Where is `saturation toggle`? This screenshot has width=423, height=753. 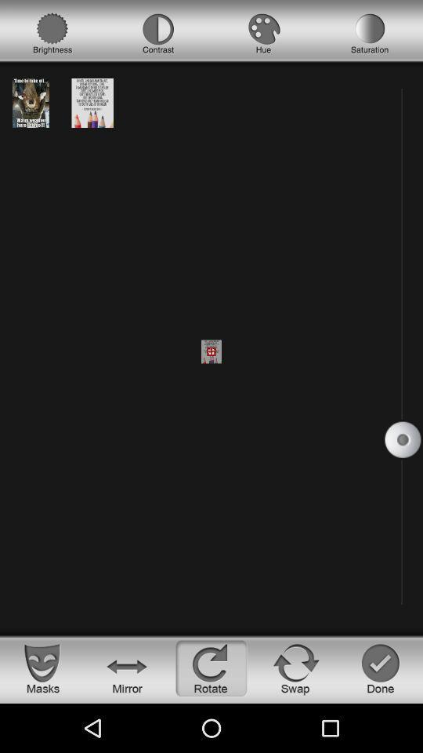 saturation toggle is located at coordinates (370, 33).